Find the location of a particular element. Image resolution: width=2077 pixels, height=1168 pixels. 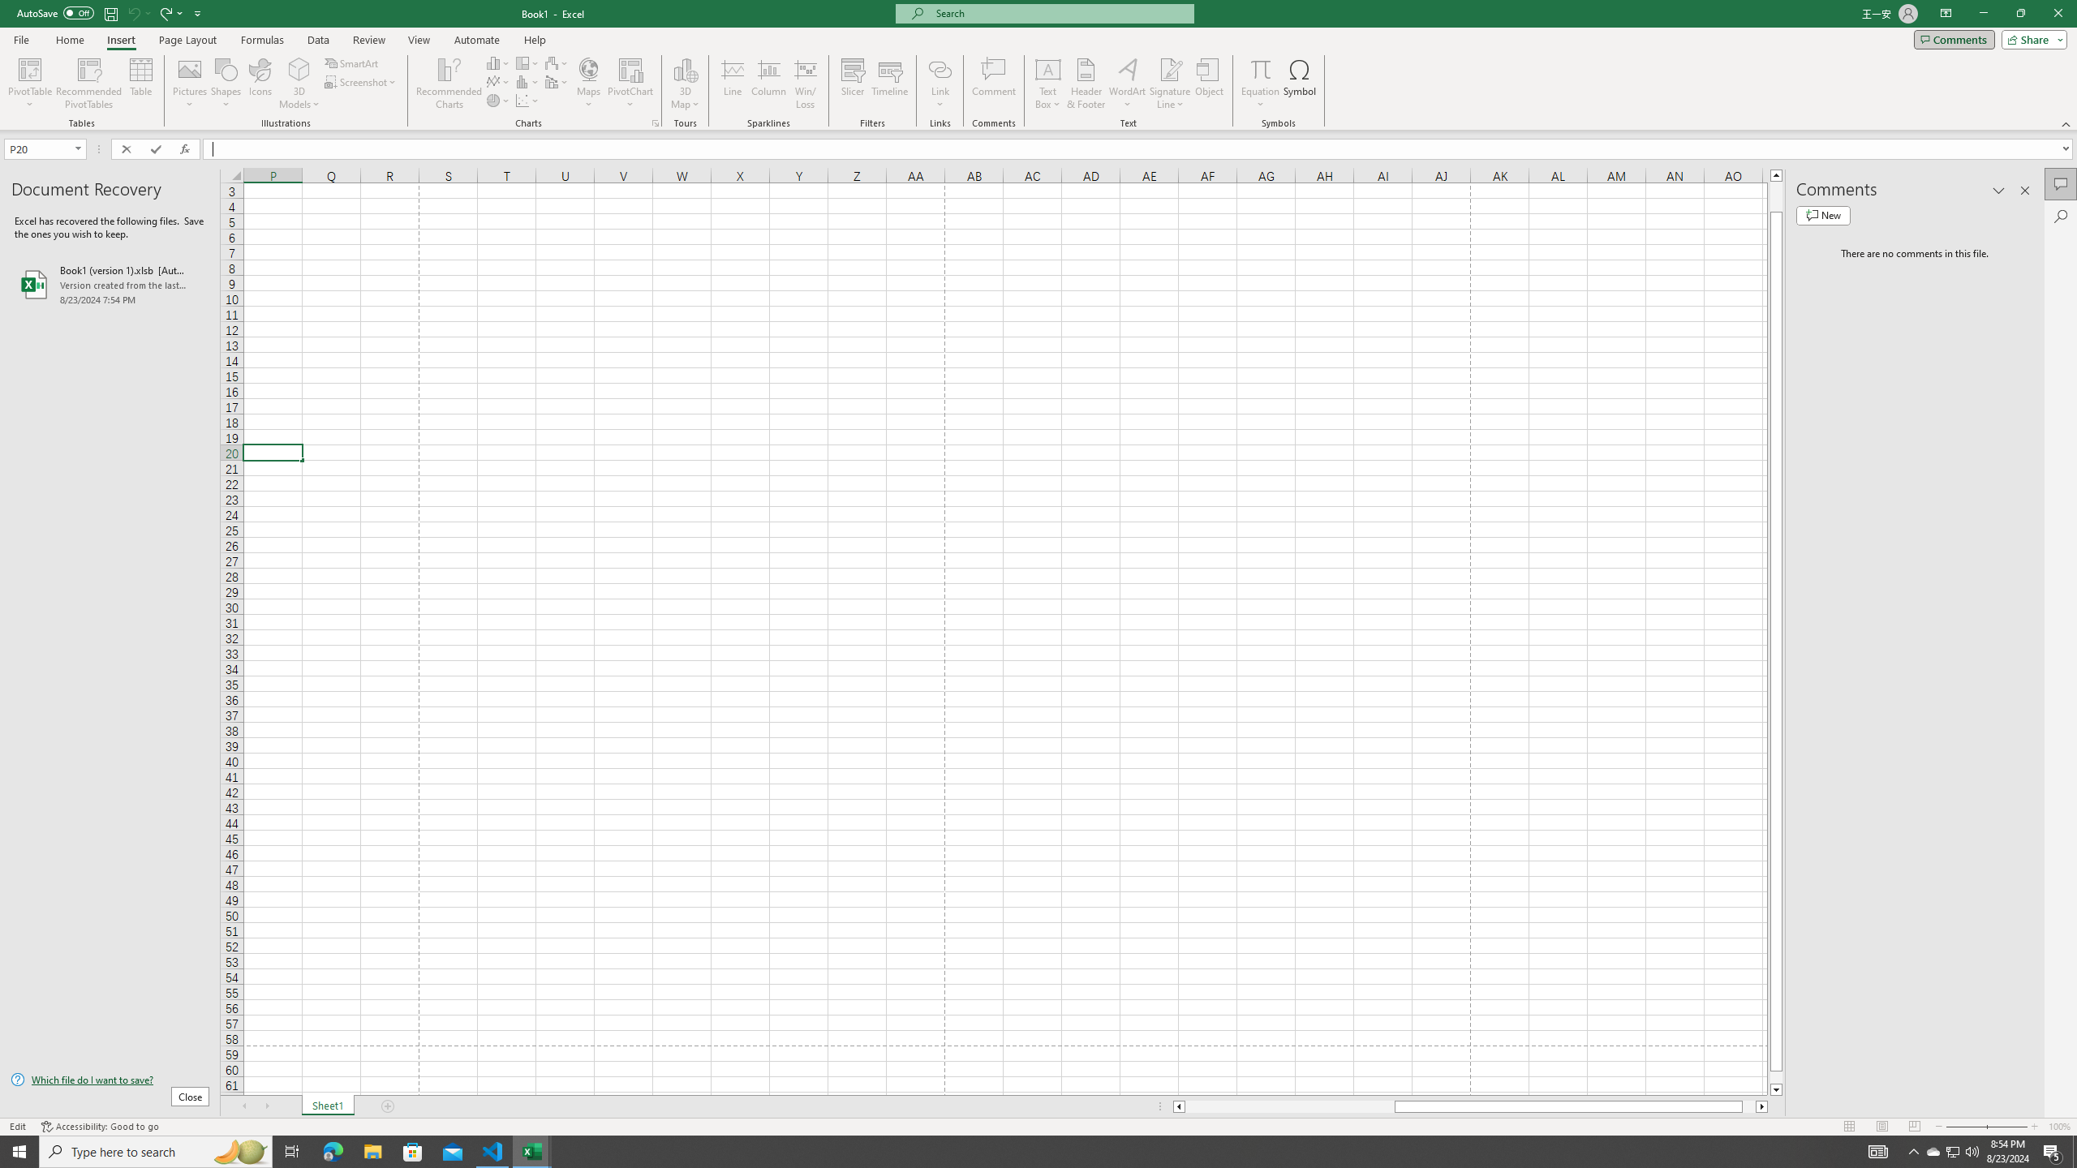

'Insert Scatter (X, Y) or Bubble Chart' is located at coordinates (527, 99).